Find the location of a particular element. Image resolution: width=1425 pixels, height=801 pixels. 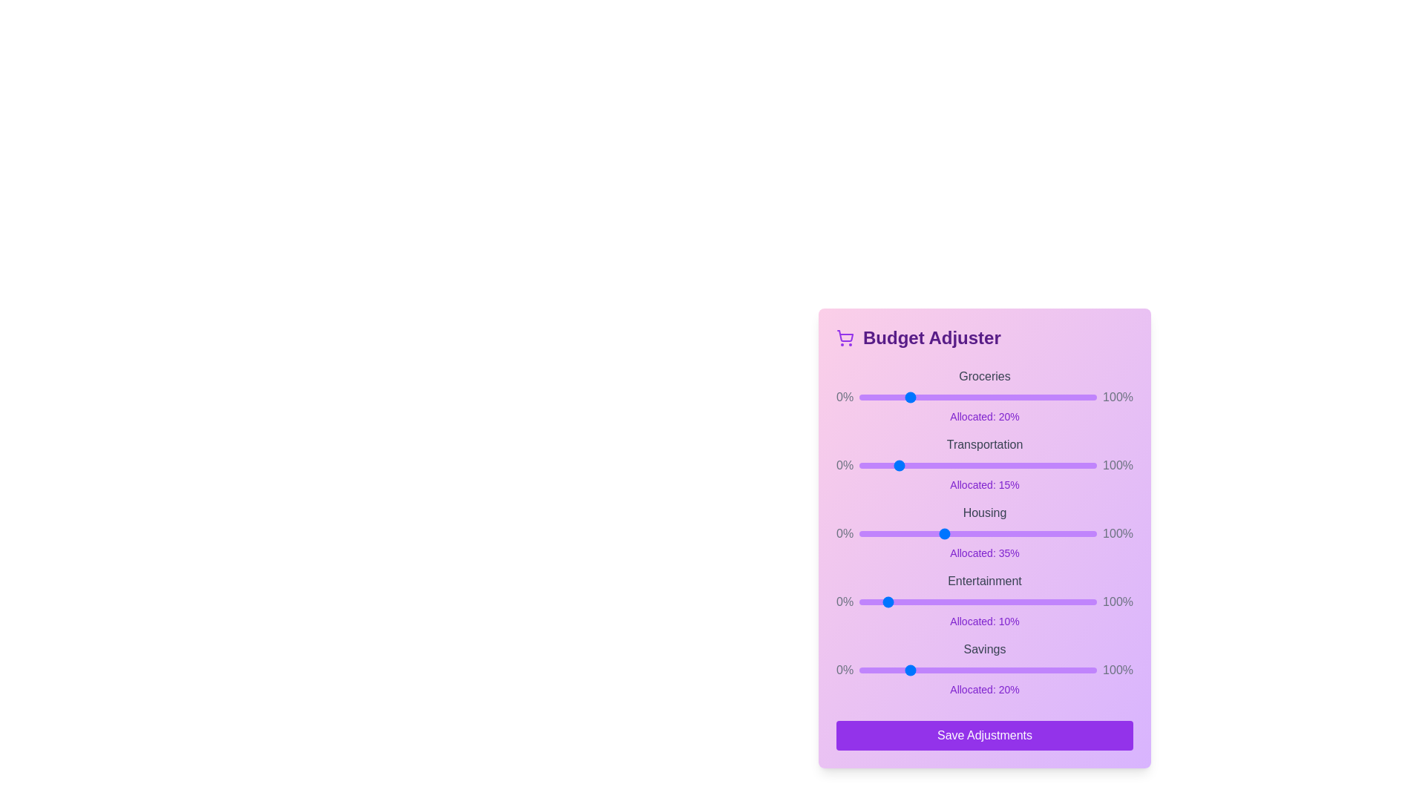

the cart icon to inspect its properties is located at coordinates (845, 337).